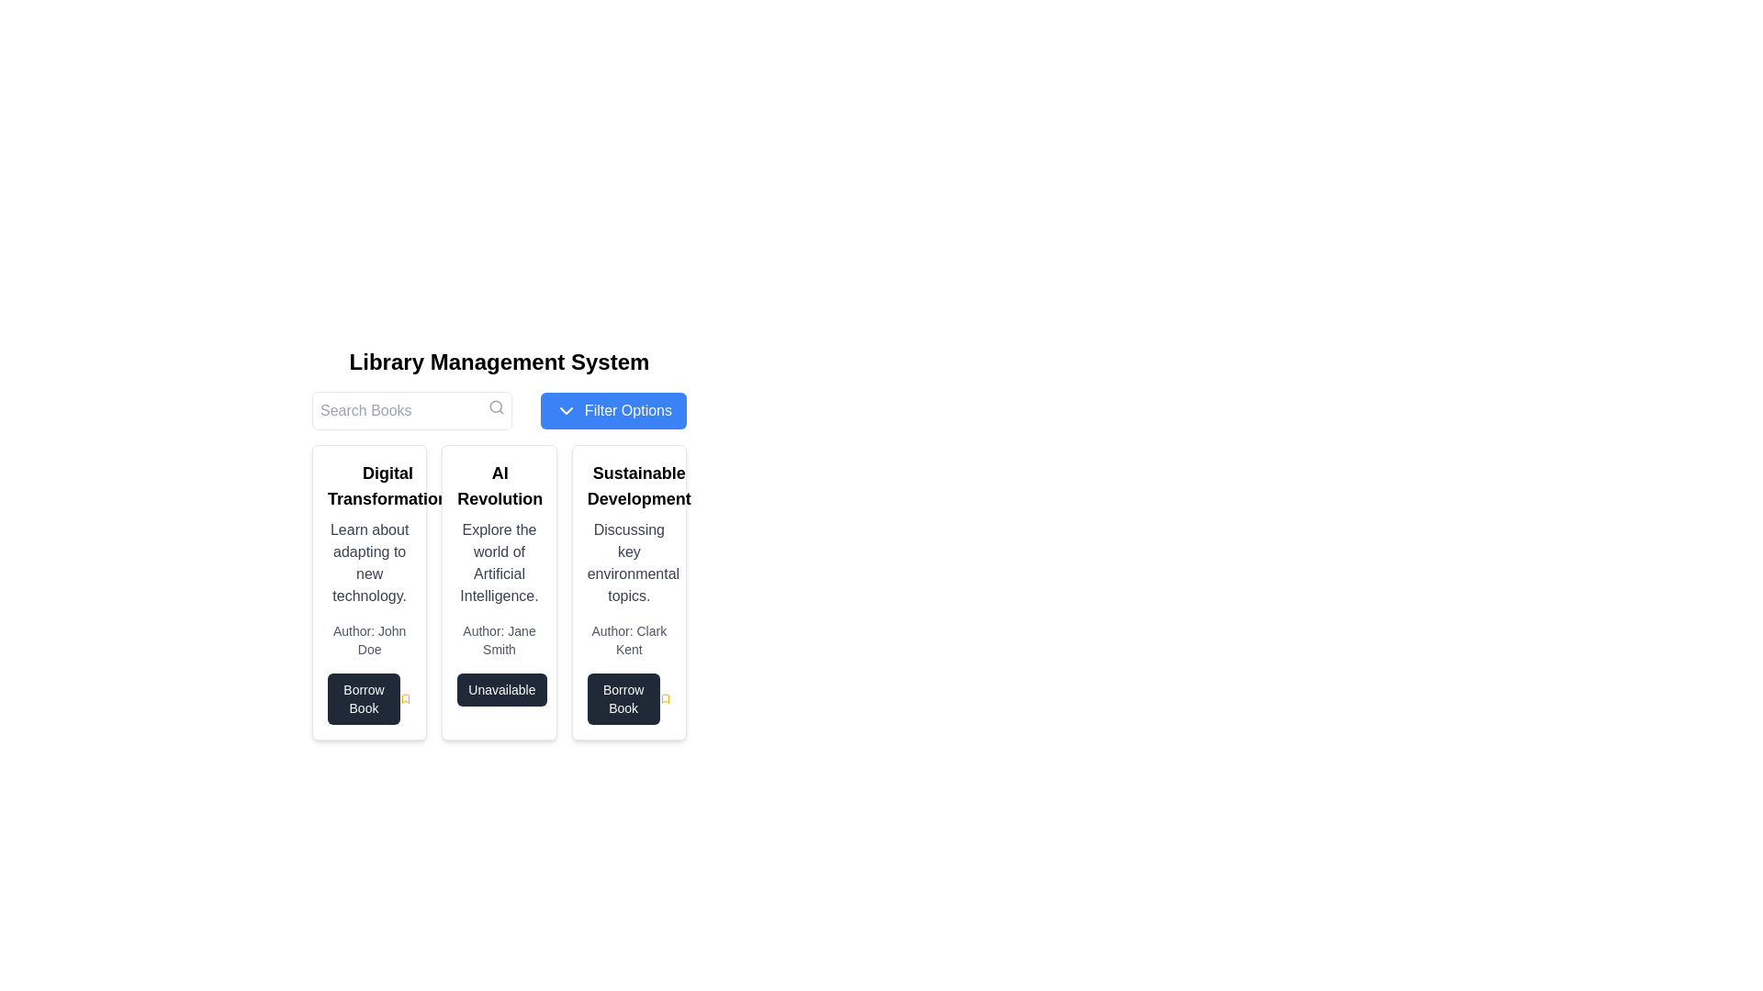 This screenshot has width=1763, height=991. I want to click on the 'AI Revolution' Information Card in the library management interface, so click(499, 592).